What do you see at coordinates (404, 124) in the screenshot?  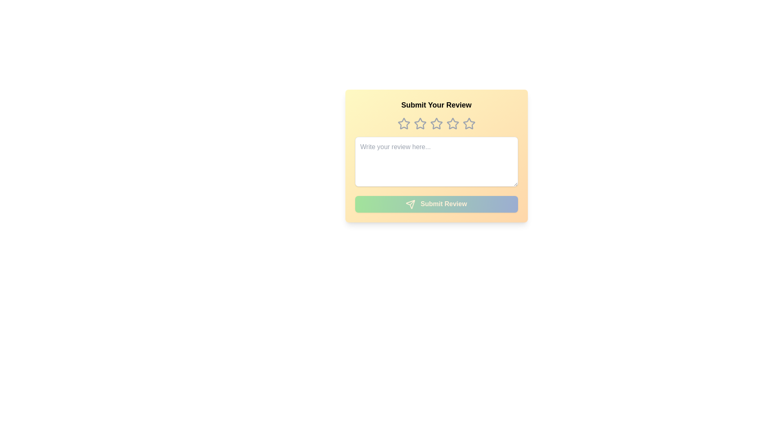 I see `the first Rating star icon located below the 'Submit Your Review' title` at bounding box center [404, 124].